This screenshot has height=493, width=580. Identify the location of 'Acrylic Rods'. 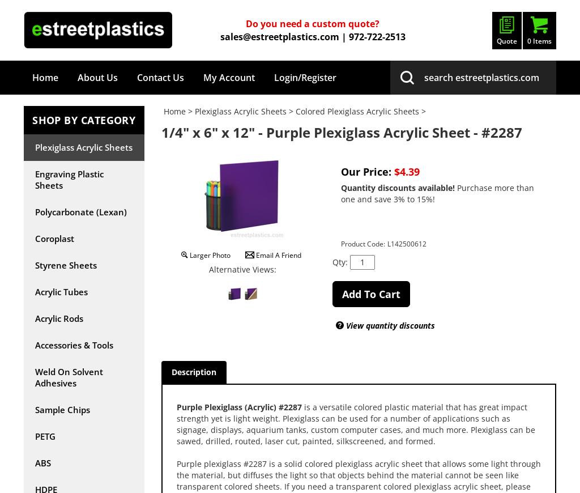
(34, 318).